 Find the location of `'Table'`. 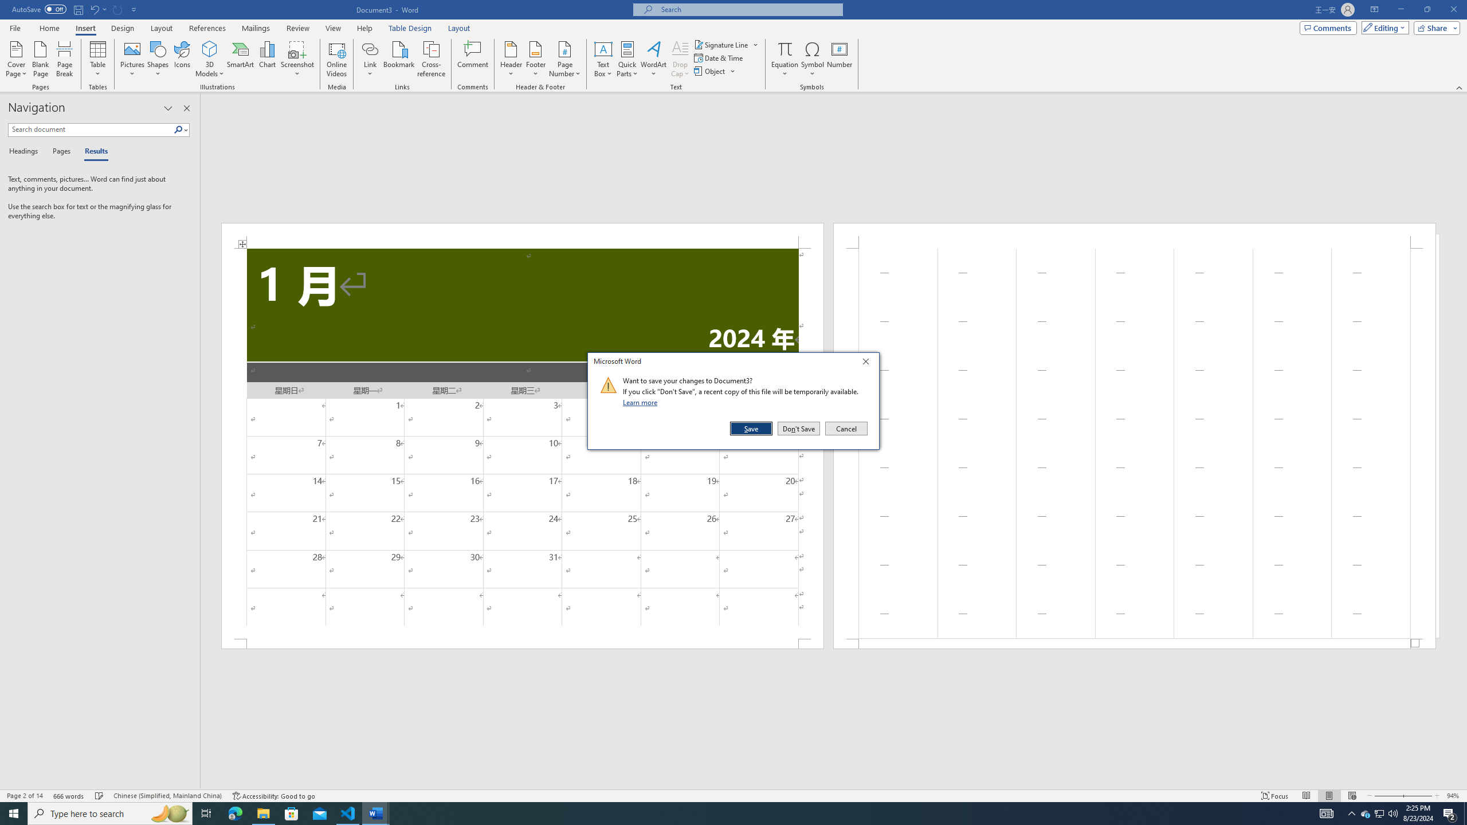

'Table' is located at coordinates (98, 59).